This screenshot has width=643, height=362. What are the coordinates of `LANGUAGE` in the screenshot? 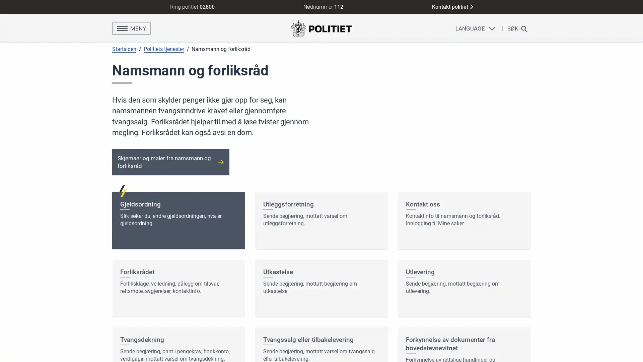 It's located at (470, 28).